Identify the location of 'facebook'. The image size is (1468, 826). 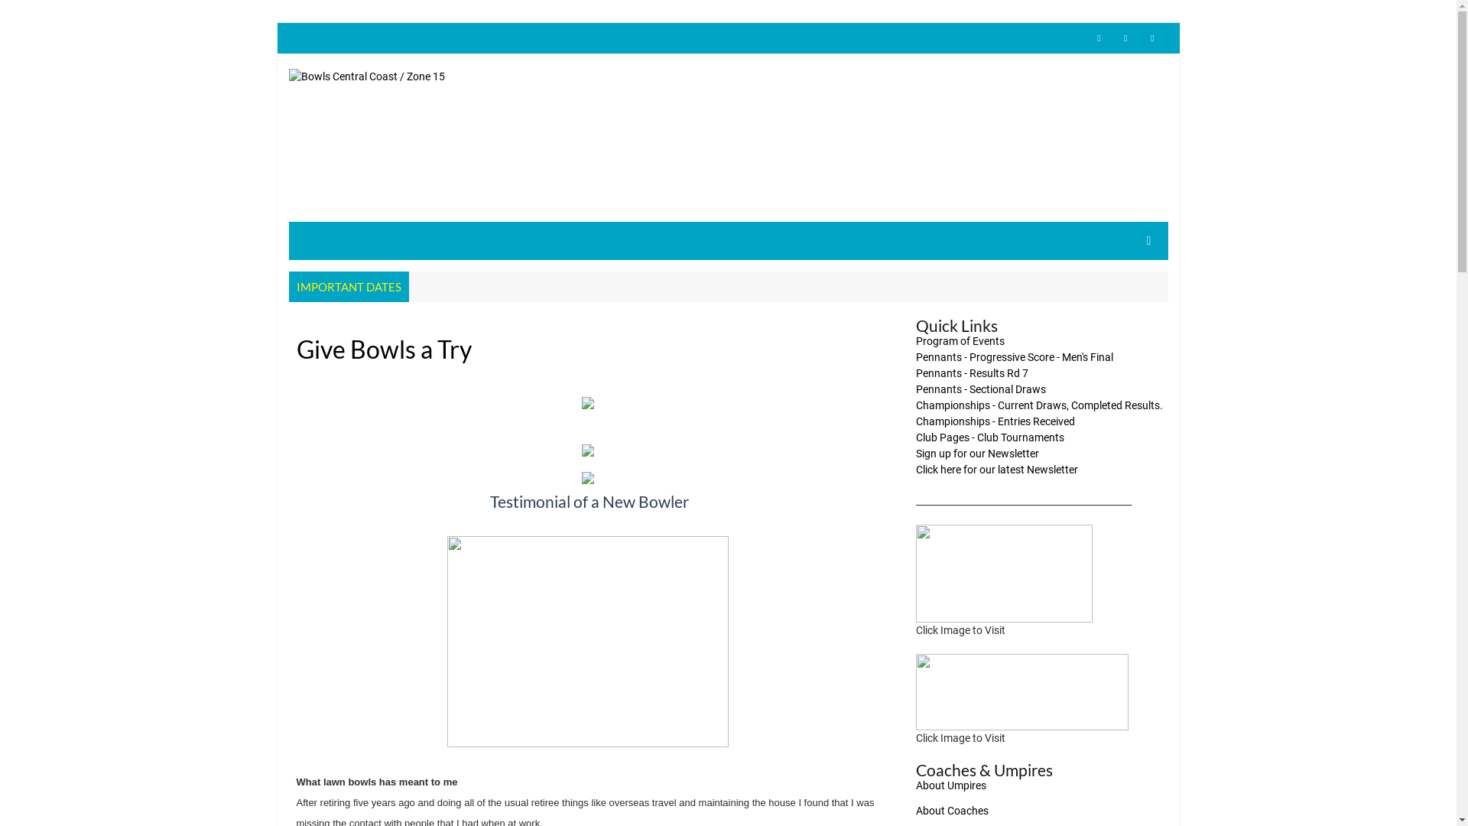
(1126, 37).